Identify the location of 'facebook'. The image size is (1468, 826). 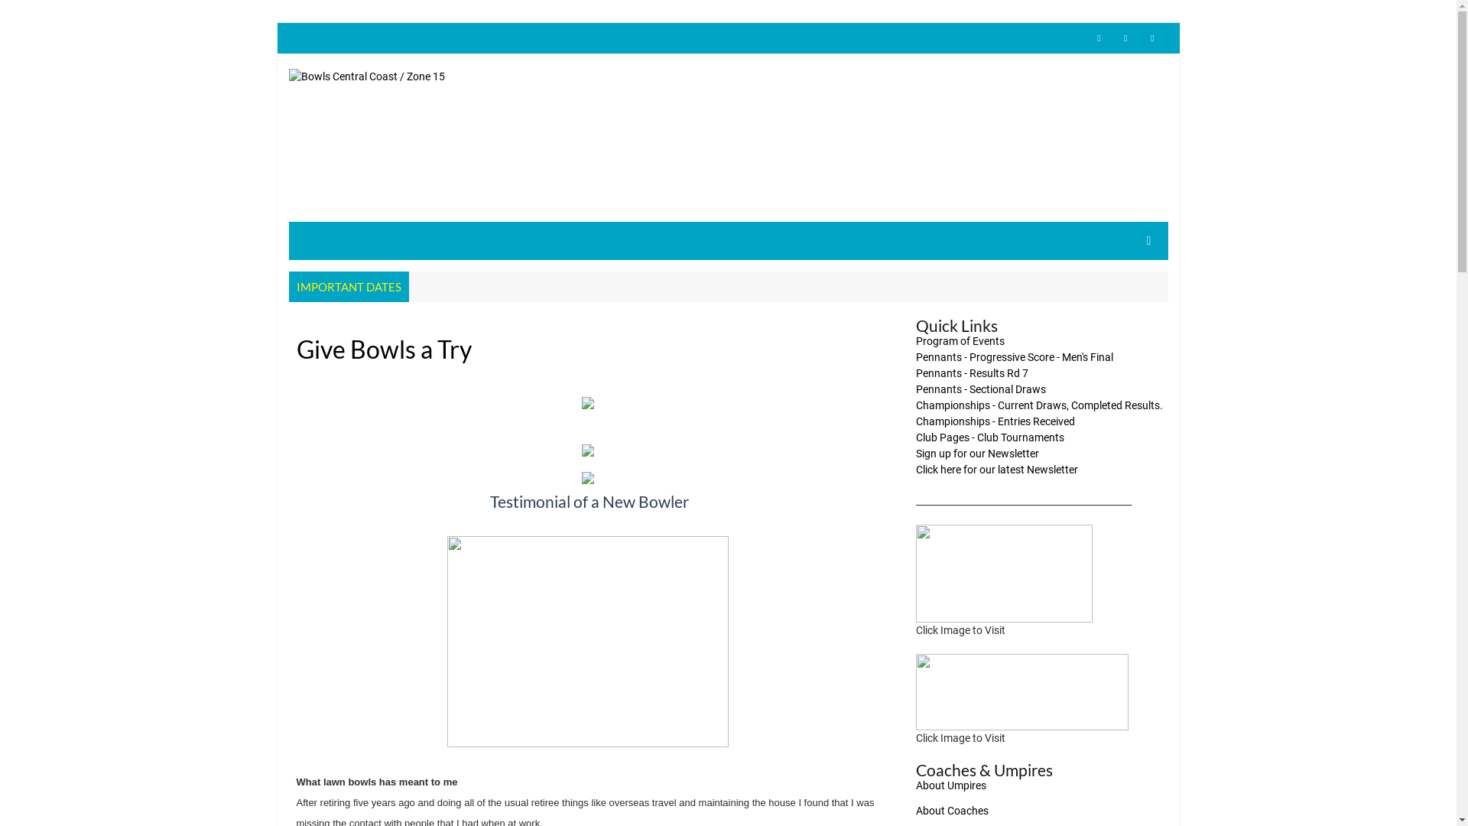
(1126, 37).